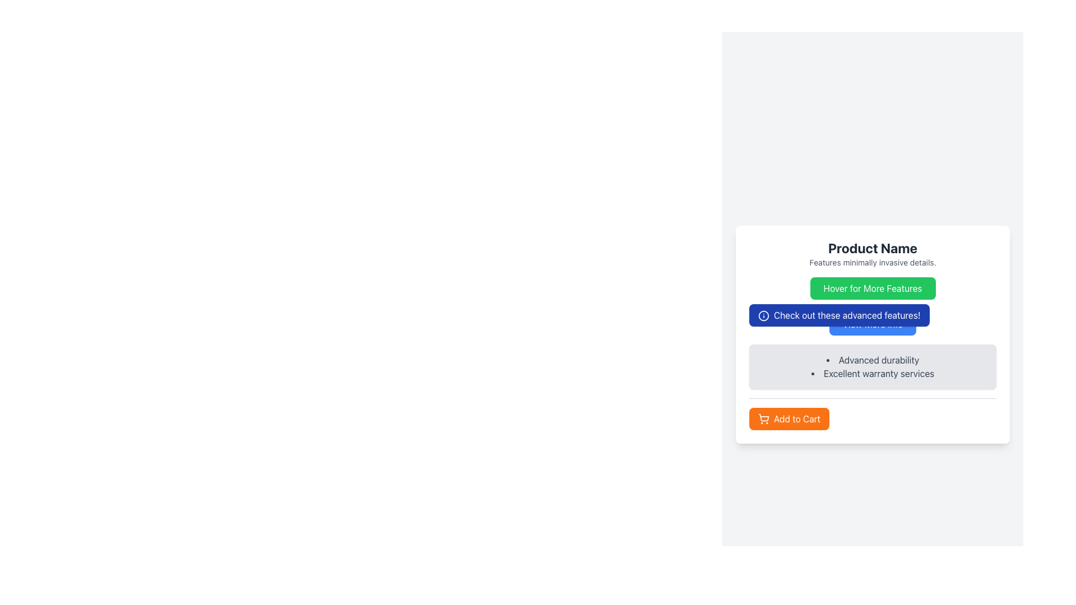 The image size is (1076, 605). What do you see at coordinates (763, 315) in the screenshot?
I see `the SVG Circle element located to the left of the text 'Check out these advanced features!'` at bounding box center [763, 315].